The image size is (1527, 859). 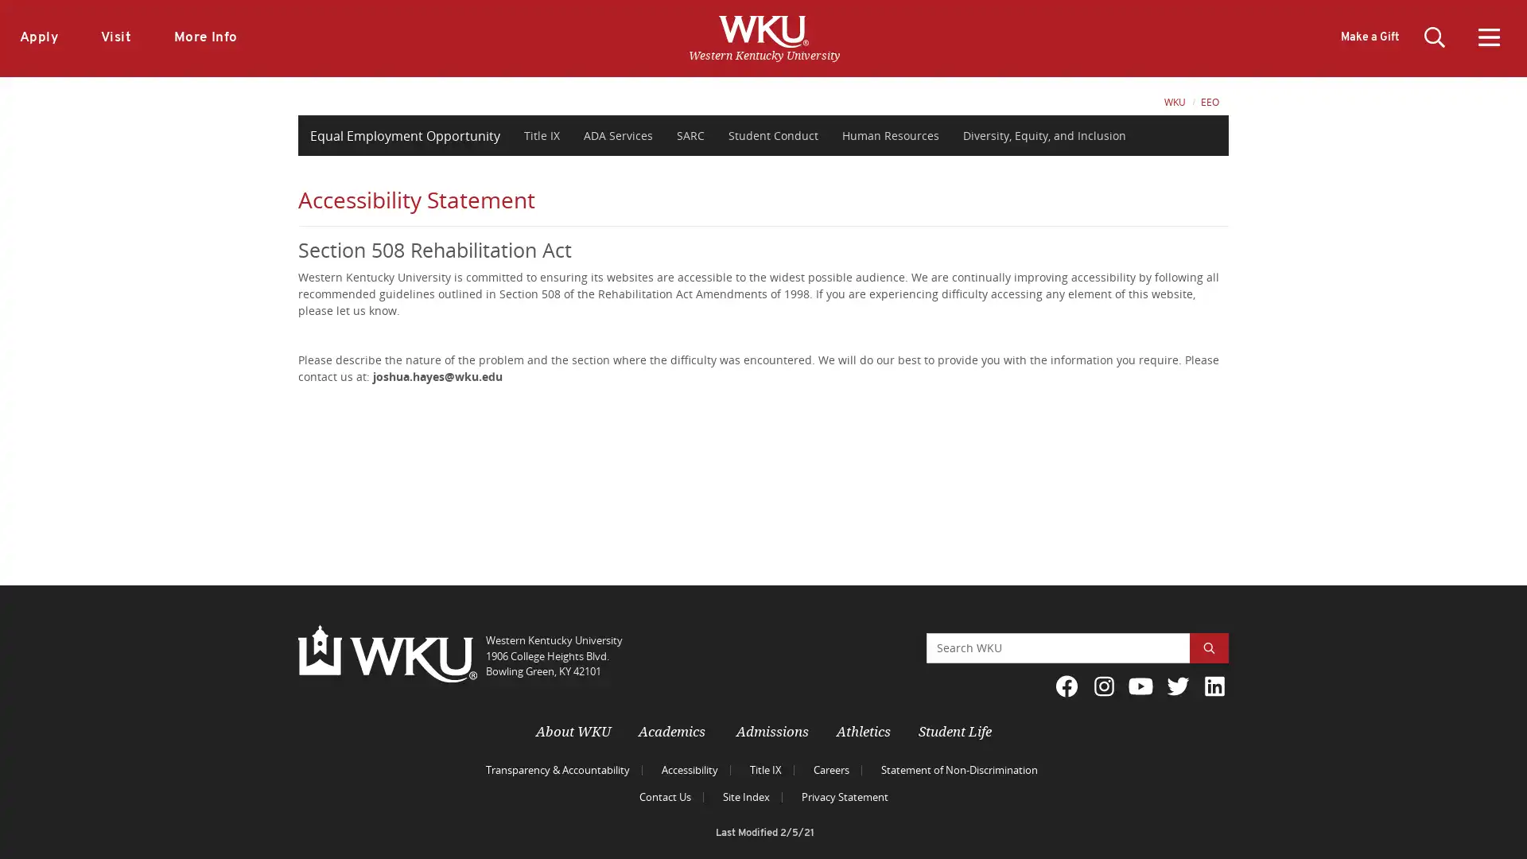 I want to click on Search, so click(x=1209, y=647).